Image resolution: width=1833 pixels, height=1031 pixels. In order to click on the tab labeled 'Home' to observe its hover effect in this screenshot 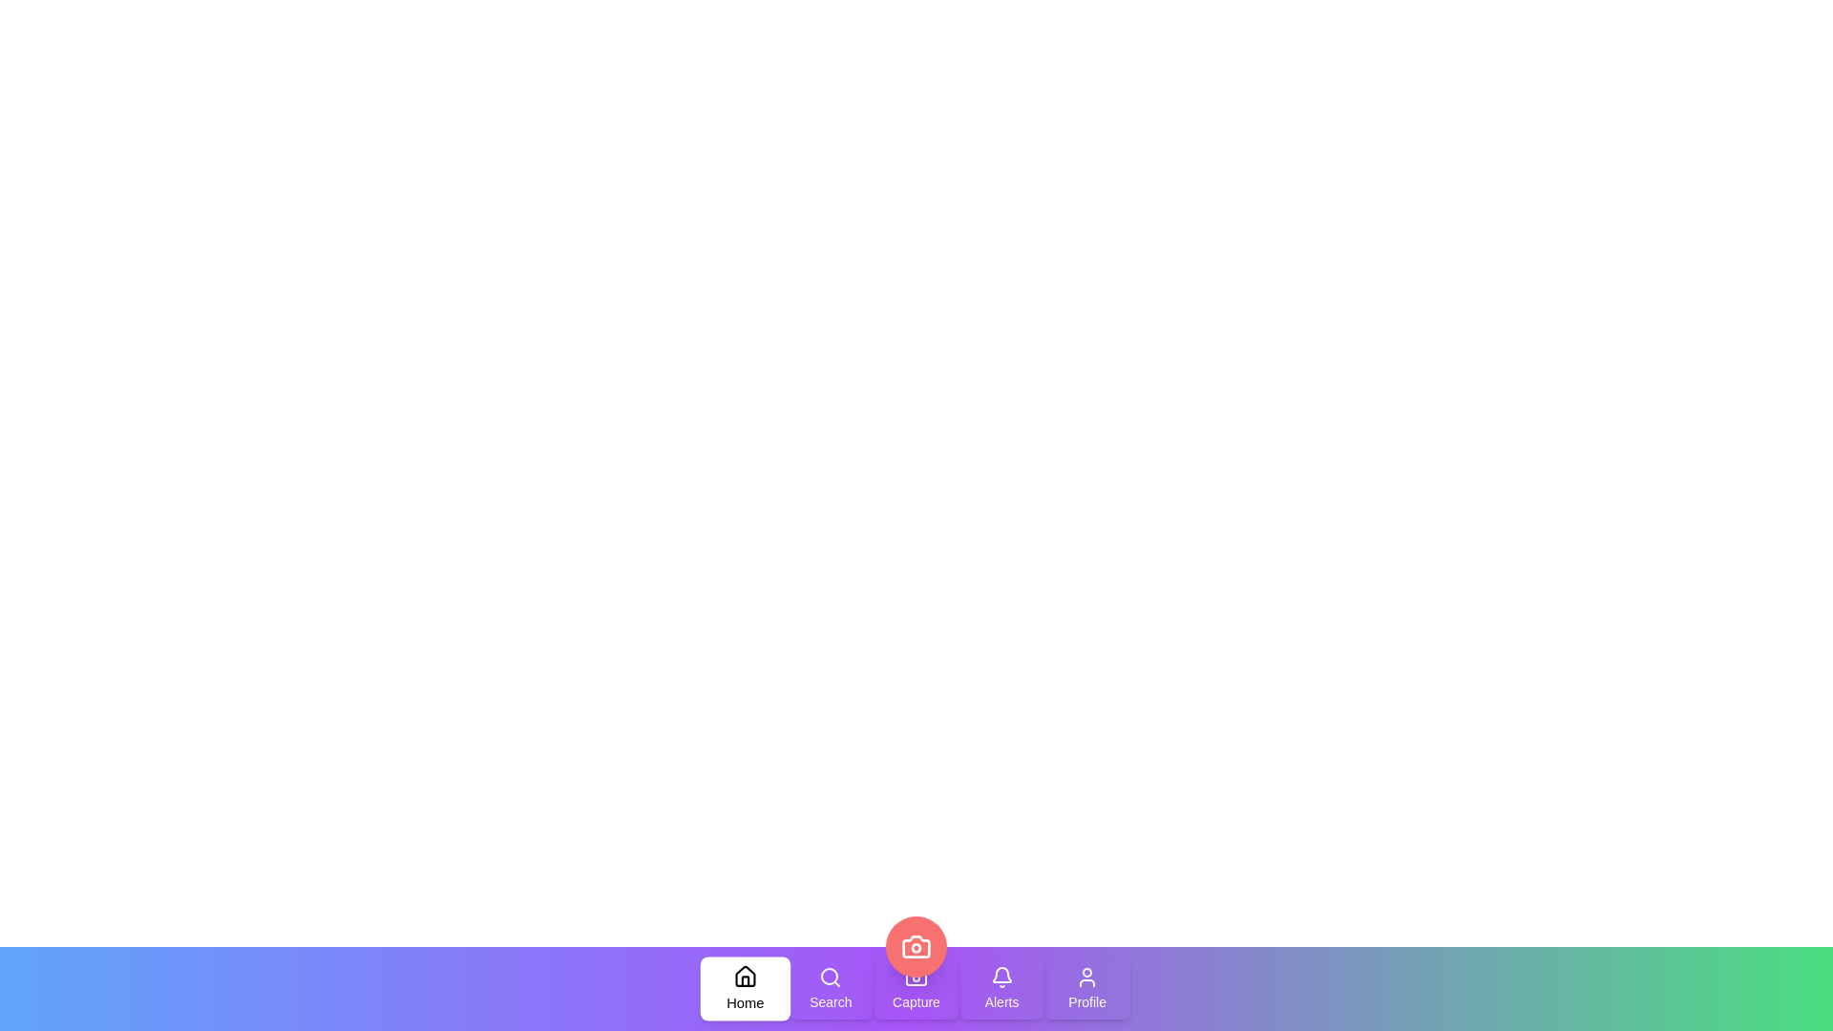, I will do `click(744, 988)`.